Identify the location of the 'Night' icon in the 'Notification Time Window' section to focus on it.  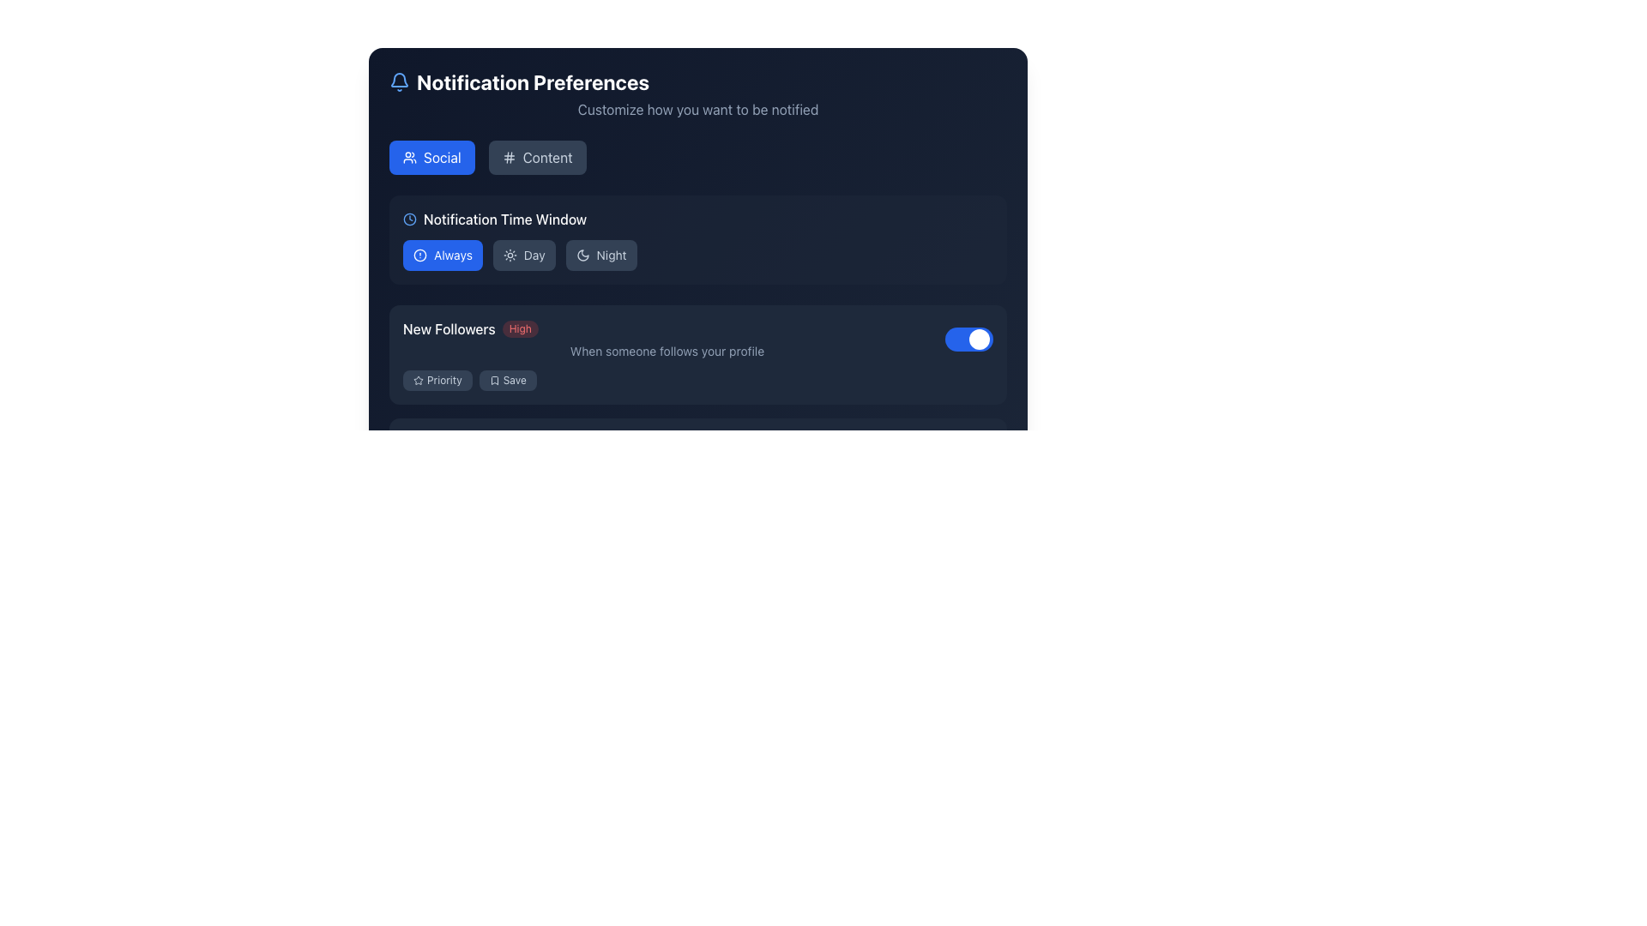
(582, 255).